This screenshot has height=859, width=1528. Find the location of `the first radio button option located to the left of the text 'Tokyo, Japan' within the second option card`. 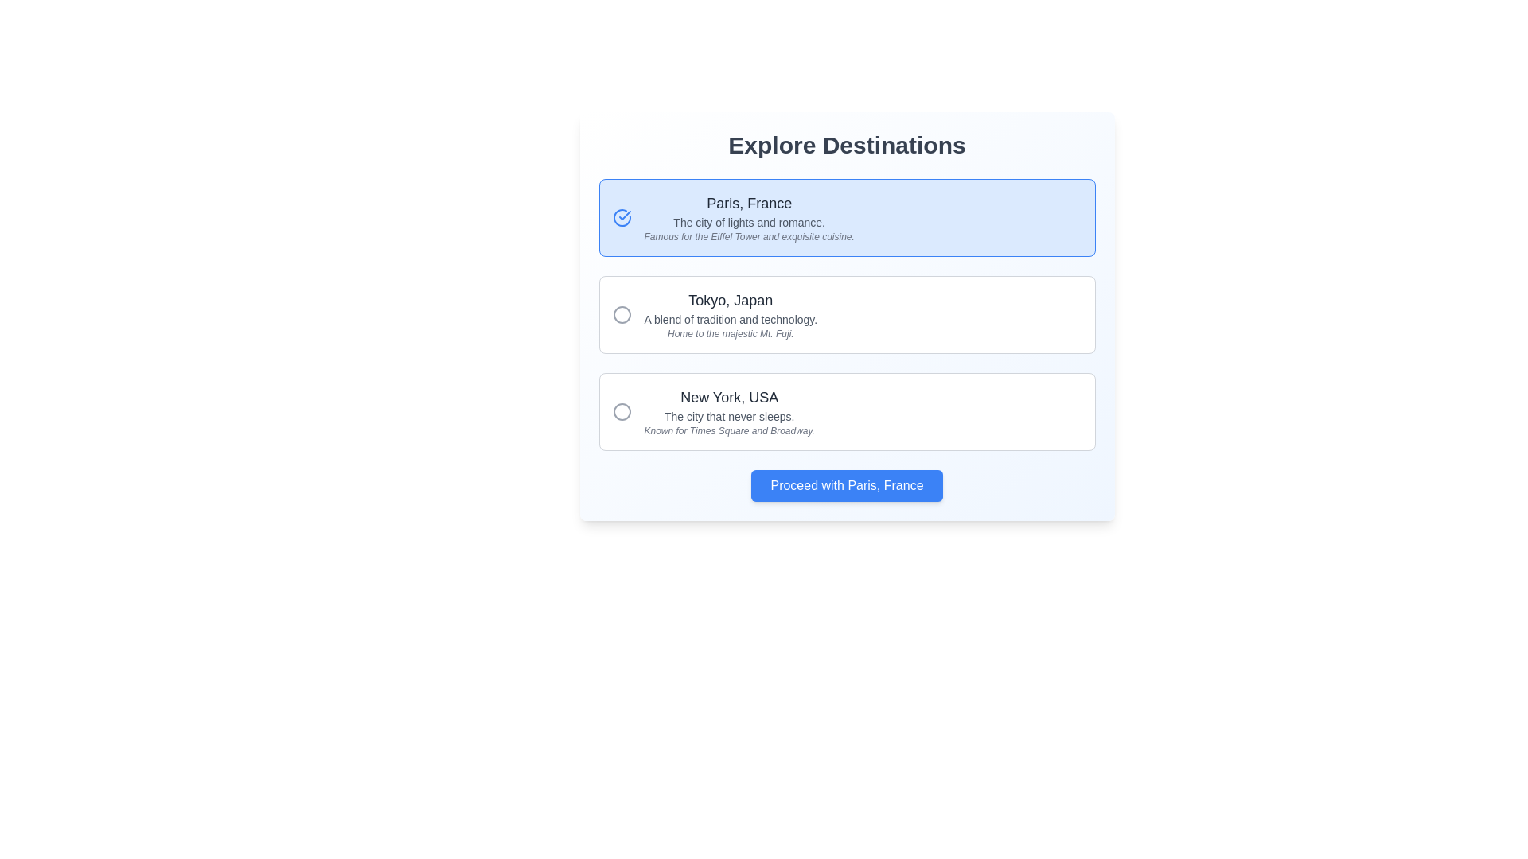

the first radio button option located to the left of the text 'Tokyo, Japan' within the second option card is located at coordinates (621, 315).